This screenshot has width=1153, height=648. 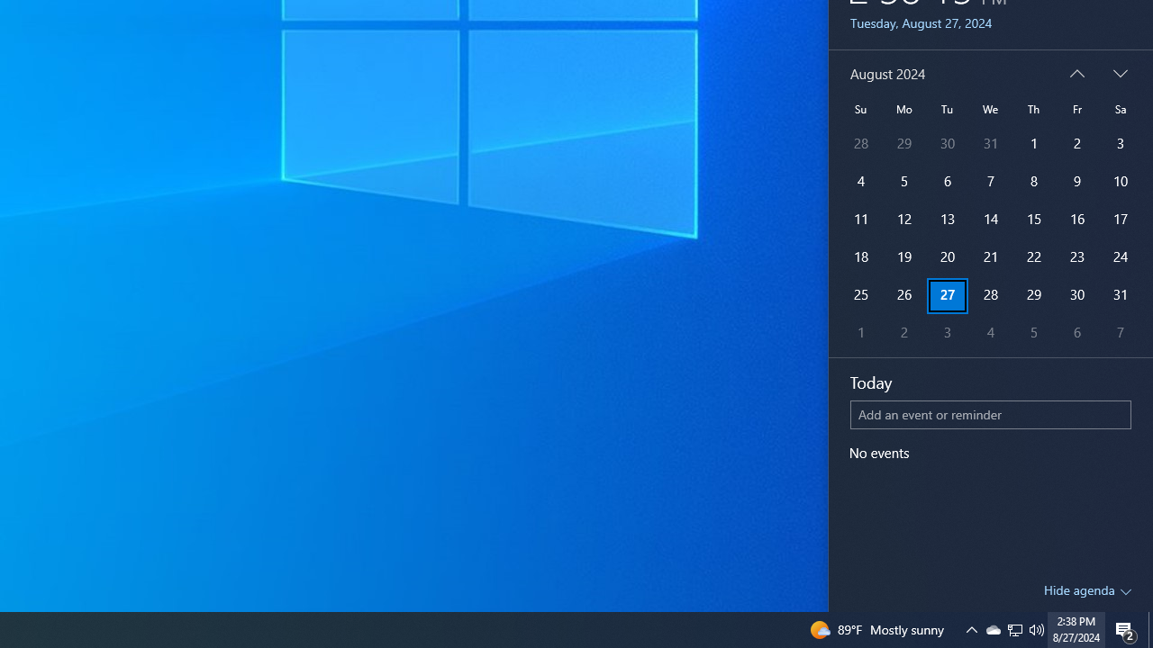 What do you see at coordinates (1120, 219) in the screenshot?
I see `'17'` at bounding box center [1120, 219].